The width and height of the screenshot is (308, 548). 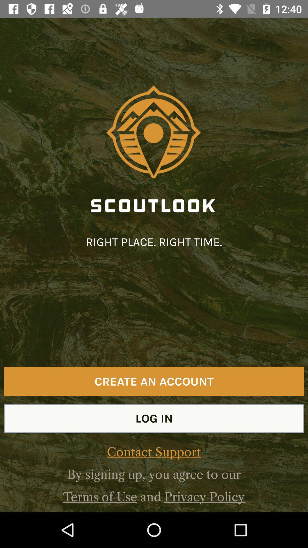 What do you see at coordinates (204, 497) in the screenshot?
I see `privacy policy item` at bounding box center [204, 497].